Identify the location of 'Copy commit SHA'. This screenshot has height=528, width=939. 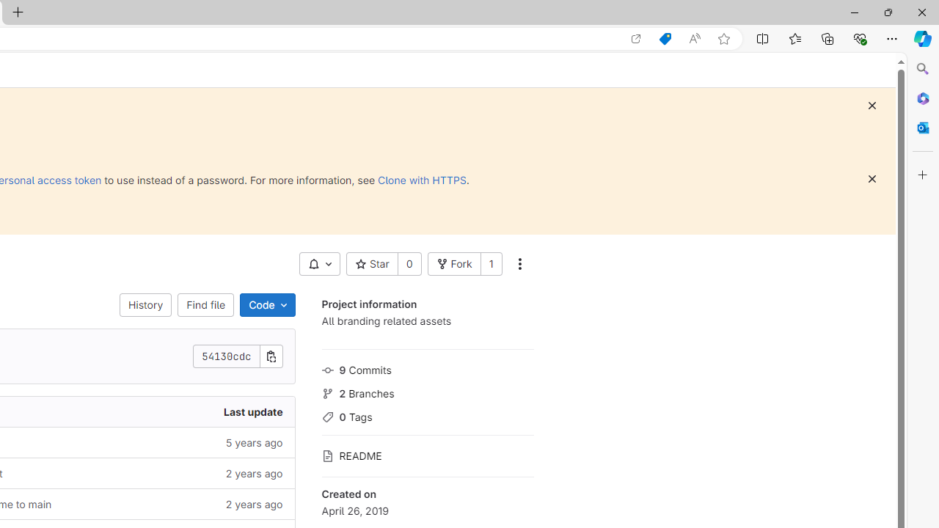
(271, 356).